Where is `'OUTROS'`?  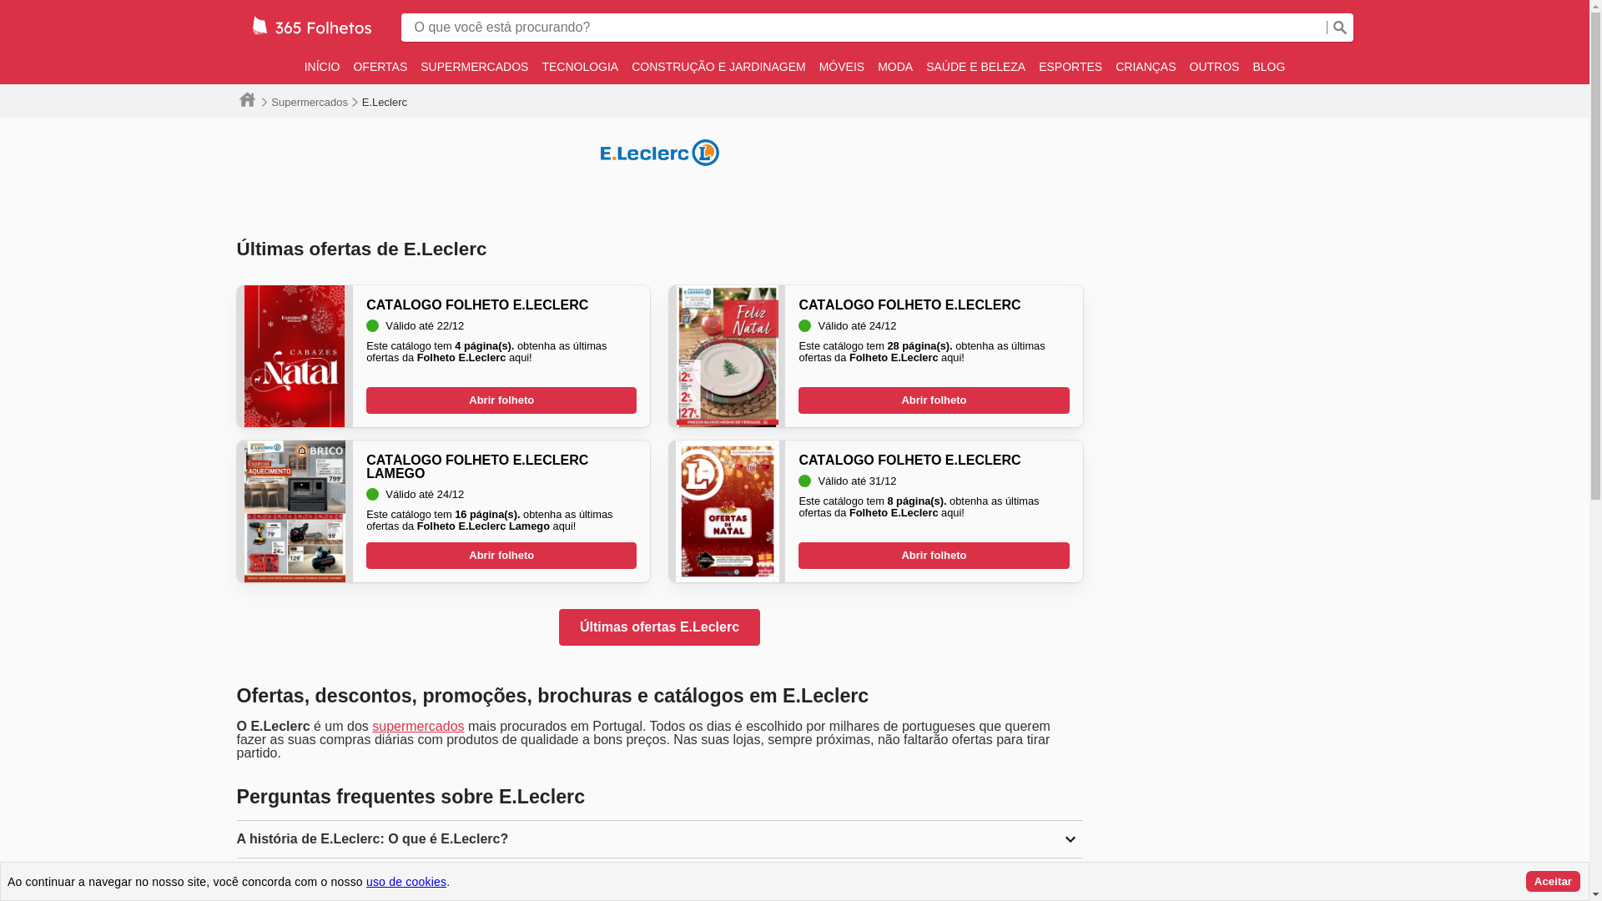 'OUTROS' is located at coordinates (1181, 66).